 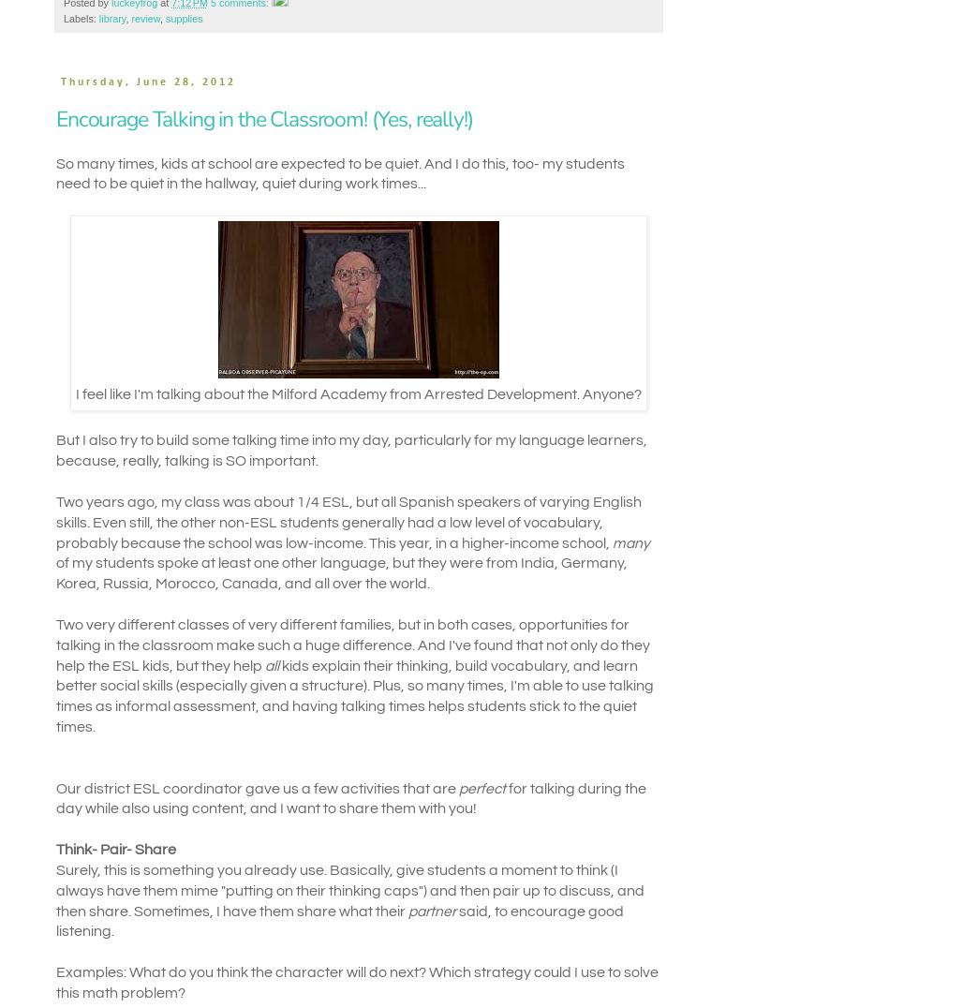 What do you see at coordinates (56, 796) in the screenshot?
I see `'for talking during the day while also using content, and I want to share them with you!'` at bounding box center [56, 796].